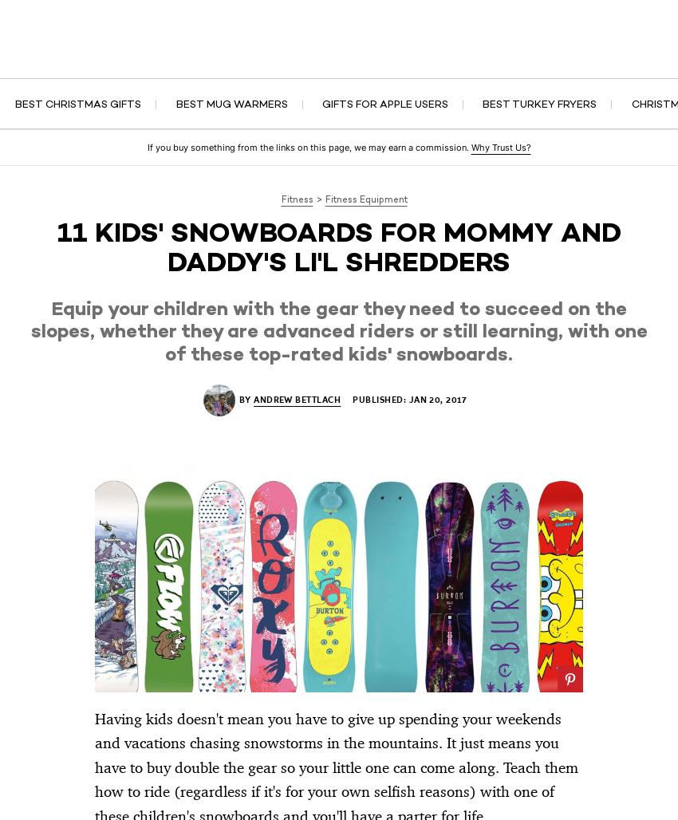 Image resolution: width=678 pixels, height=820 pixels. Describe the element at coordinates (73, 56) in the screenshot. I see `'Tech'` at that location.